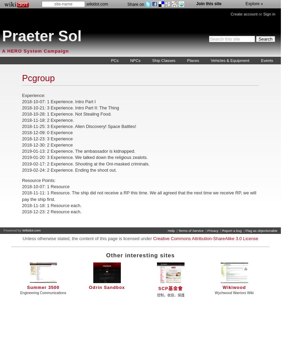 This screenshot has width=305, height=344. What do you see at coordinates (234, 292) in the screenshot?
I see `'Wychwood Warriors Wiki'` at bounding box center [234, 292].